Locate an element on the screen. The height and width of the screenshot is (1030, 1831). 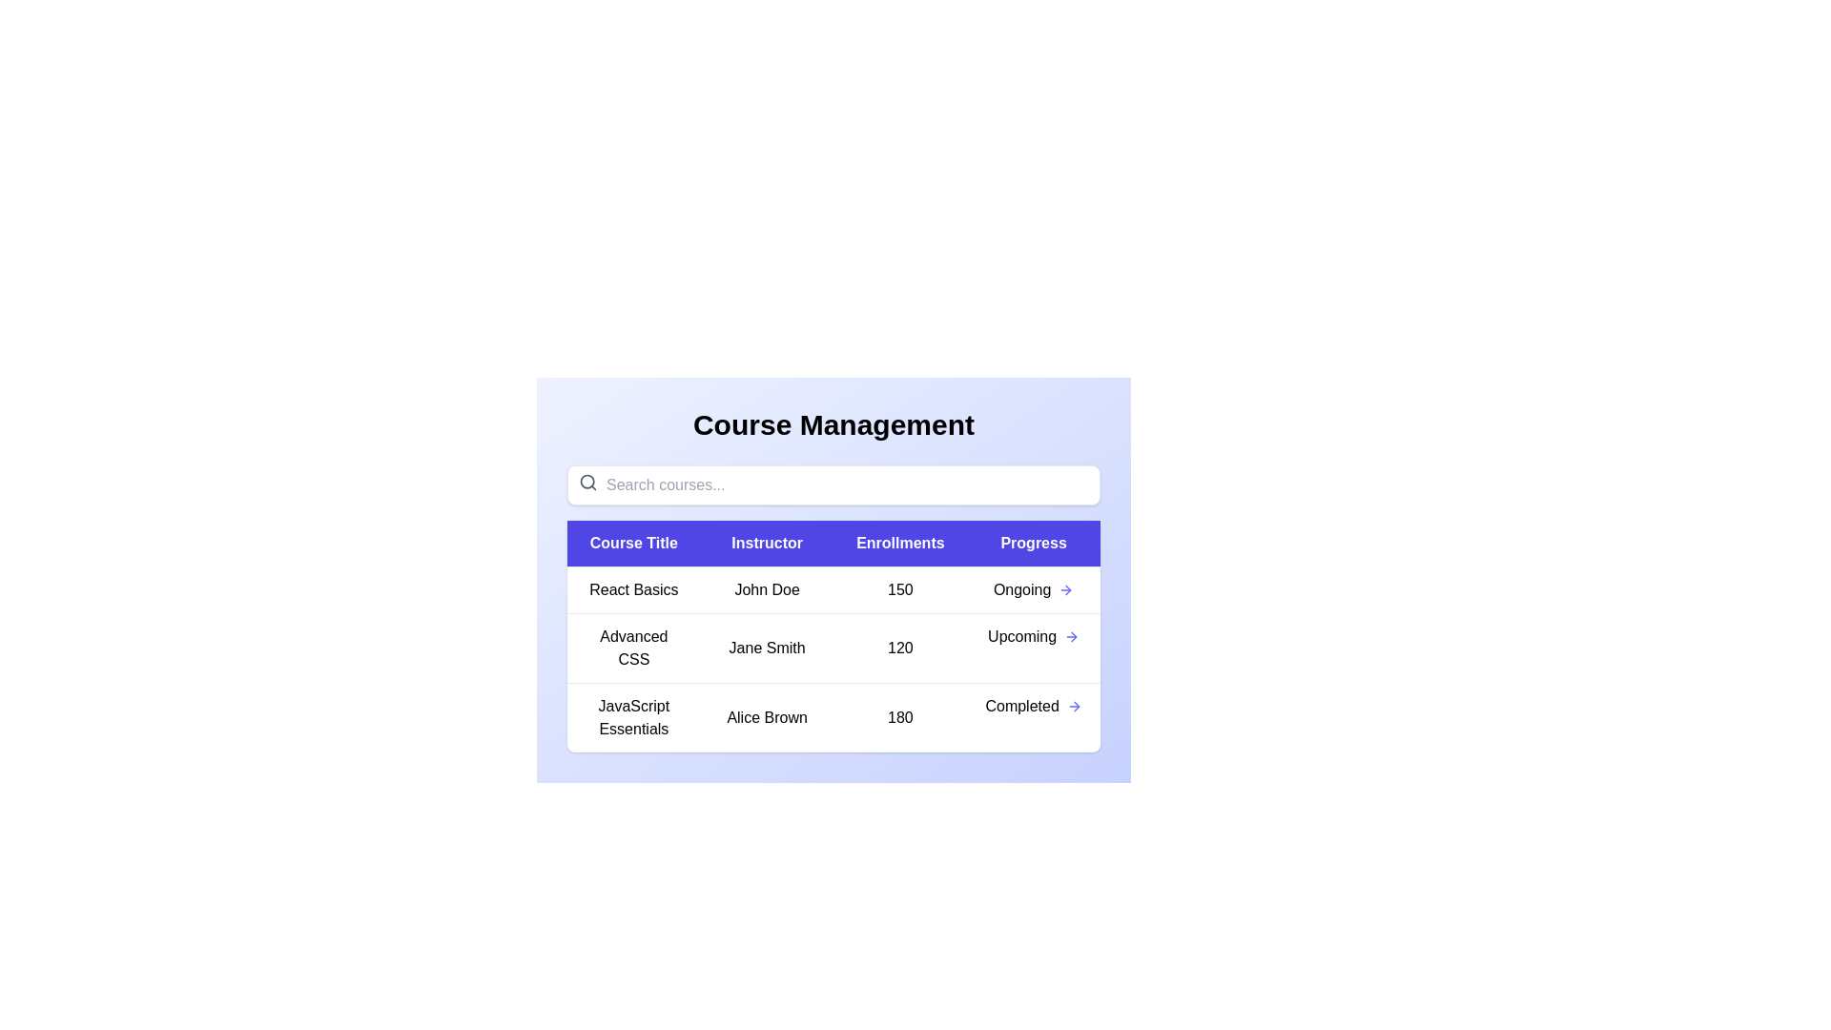
the column header Enrollments to sort or filter the courses is located at coordinates (899, 544).